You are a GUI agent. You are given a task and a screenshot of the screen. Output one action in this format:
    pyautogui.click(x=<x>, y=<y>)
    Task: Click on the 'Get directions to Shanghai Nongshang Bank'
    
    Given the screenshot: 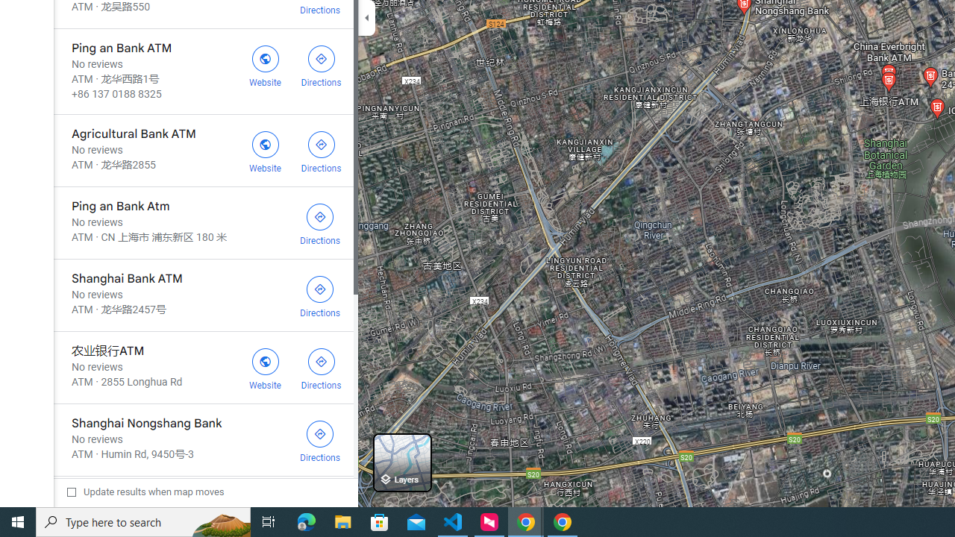 What is the action you would take?
    pyautogui.click(x=319, y=439)
    